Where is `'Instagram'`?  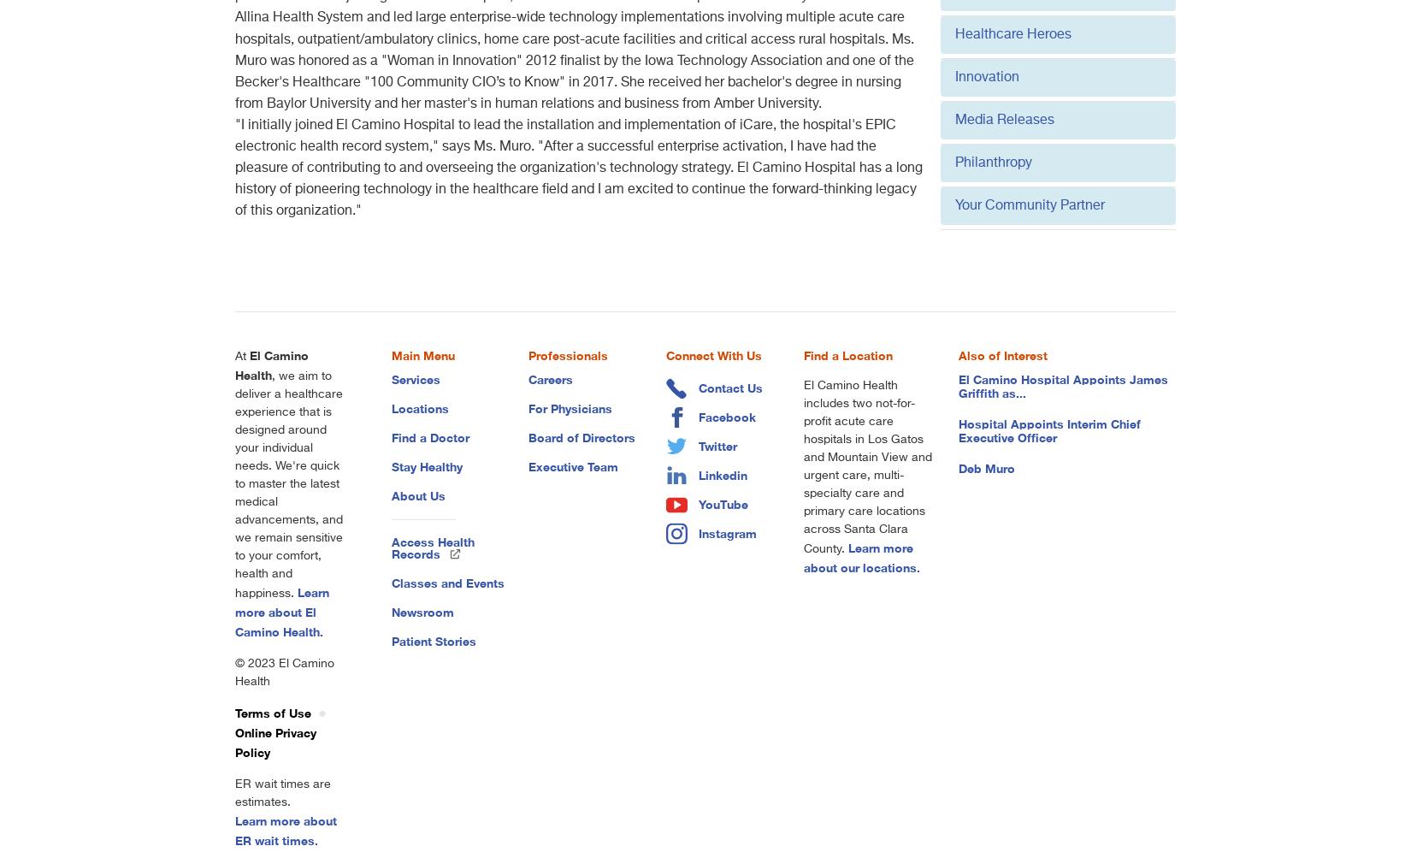
'Instagram' is located at coordinates (728, 532).